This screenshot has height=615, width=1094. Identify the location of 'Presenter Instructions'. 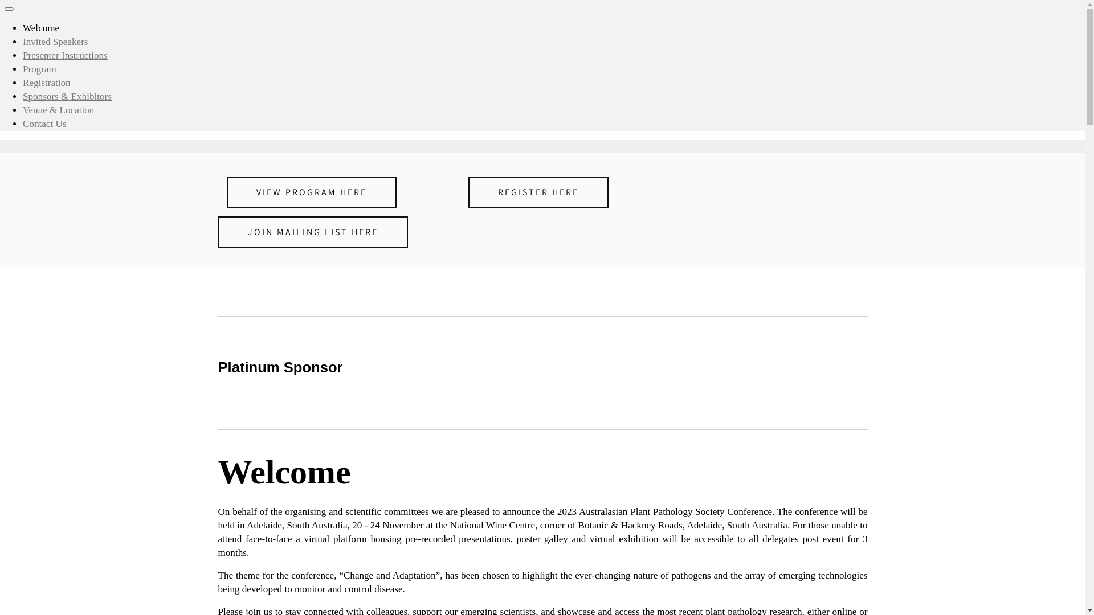
(64, 55).